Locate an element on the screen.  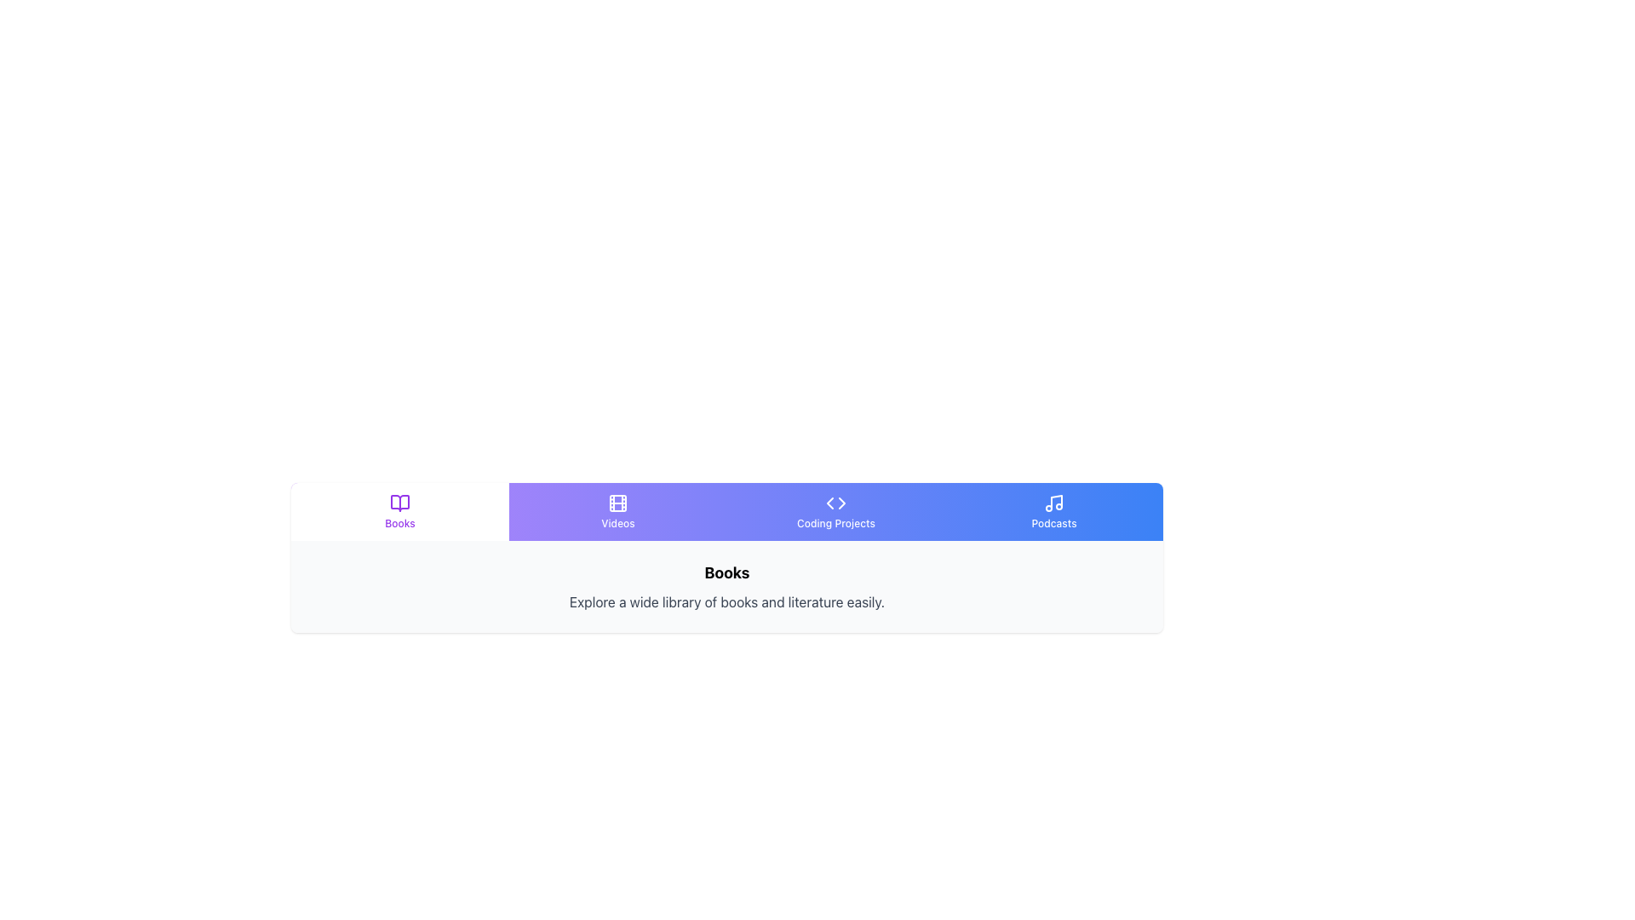
the Podcasts icon located in the top-right quadrant of the interface, which serves as a visual representation for the Podcasts section is located at coordinates (1053, 502).